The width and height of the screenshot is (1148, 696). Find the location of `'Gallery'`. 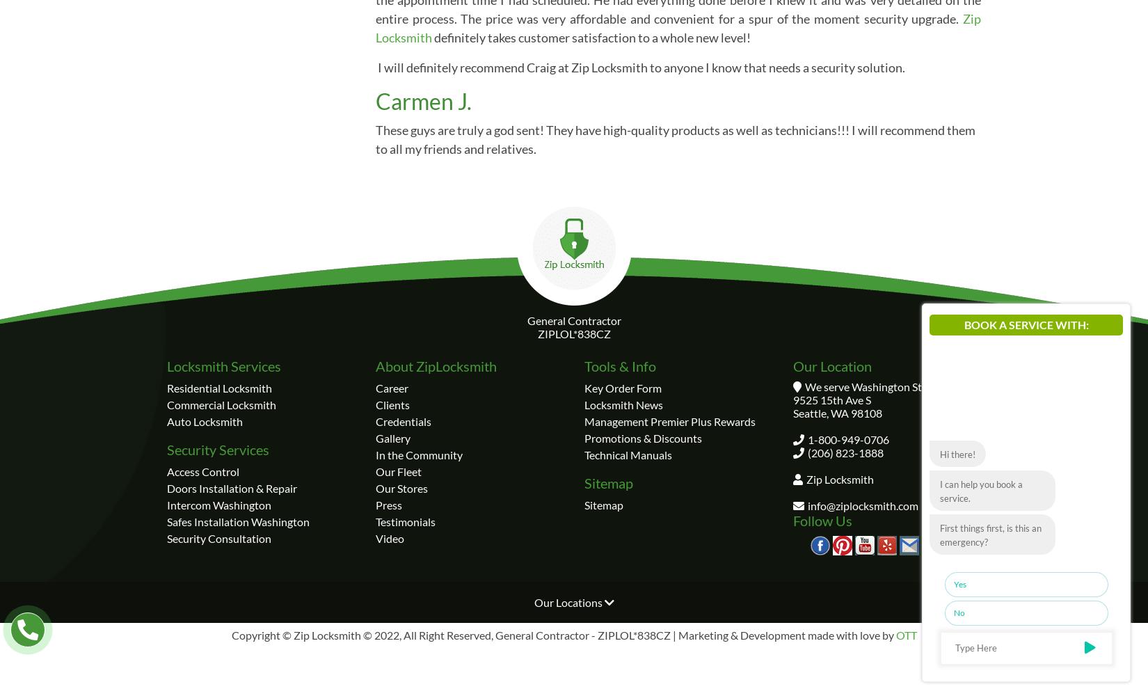

'Gallery' is located at coordinates (392, 437).